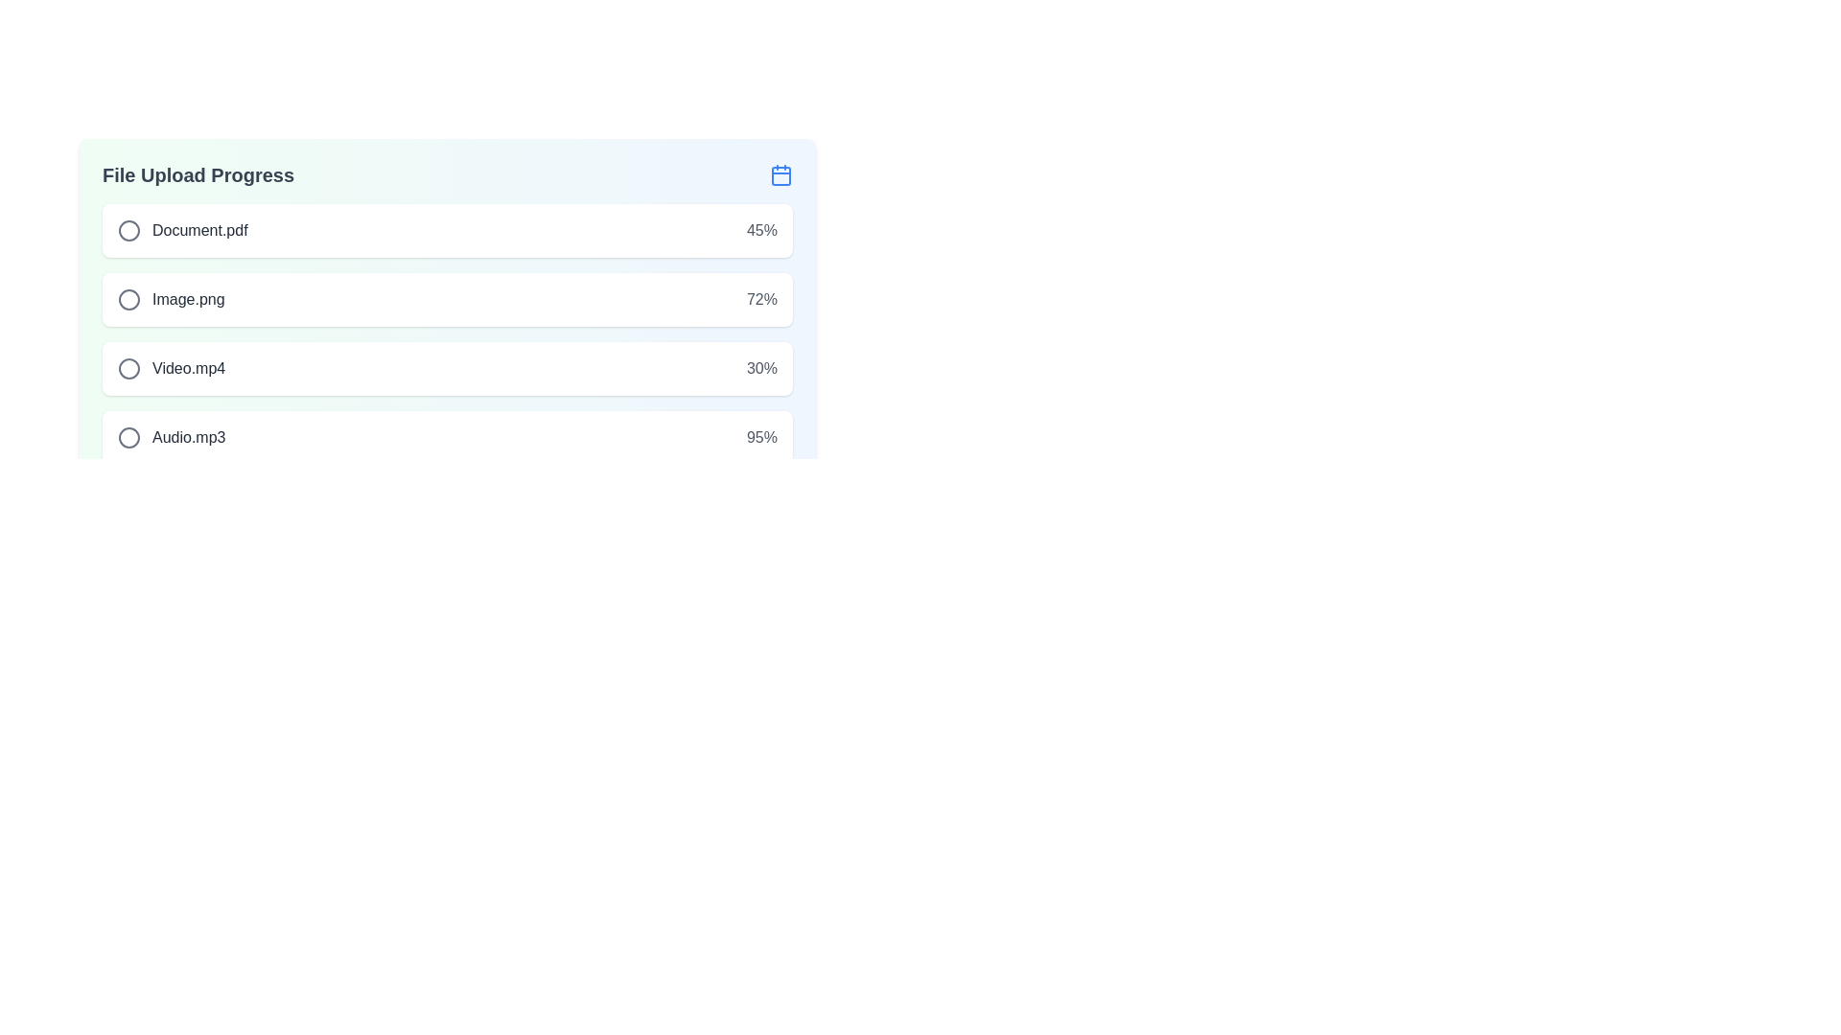 This screenshot has width=1841, height=1035. I want to click on the circular icon associated with the file 'Document.pdf', so click(128, 229).